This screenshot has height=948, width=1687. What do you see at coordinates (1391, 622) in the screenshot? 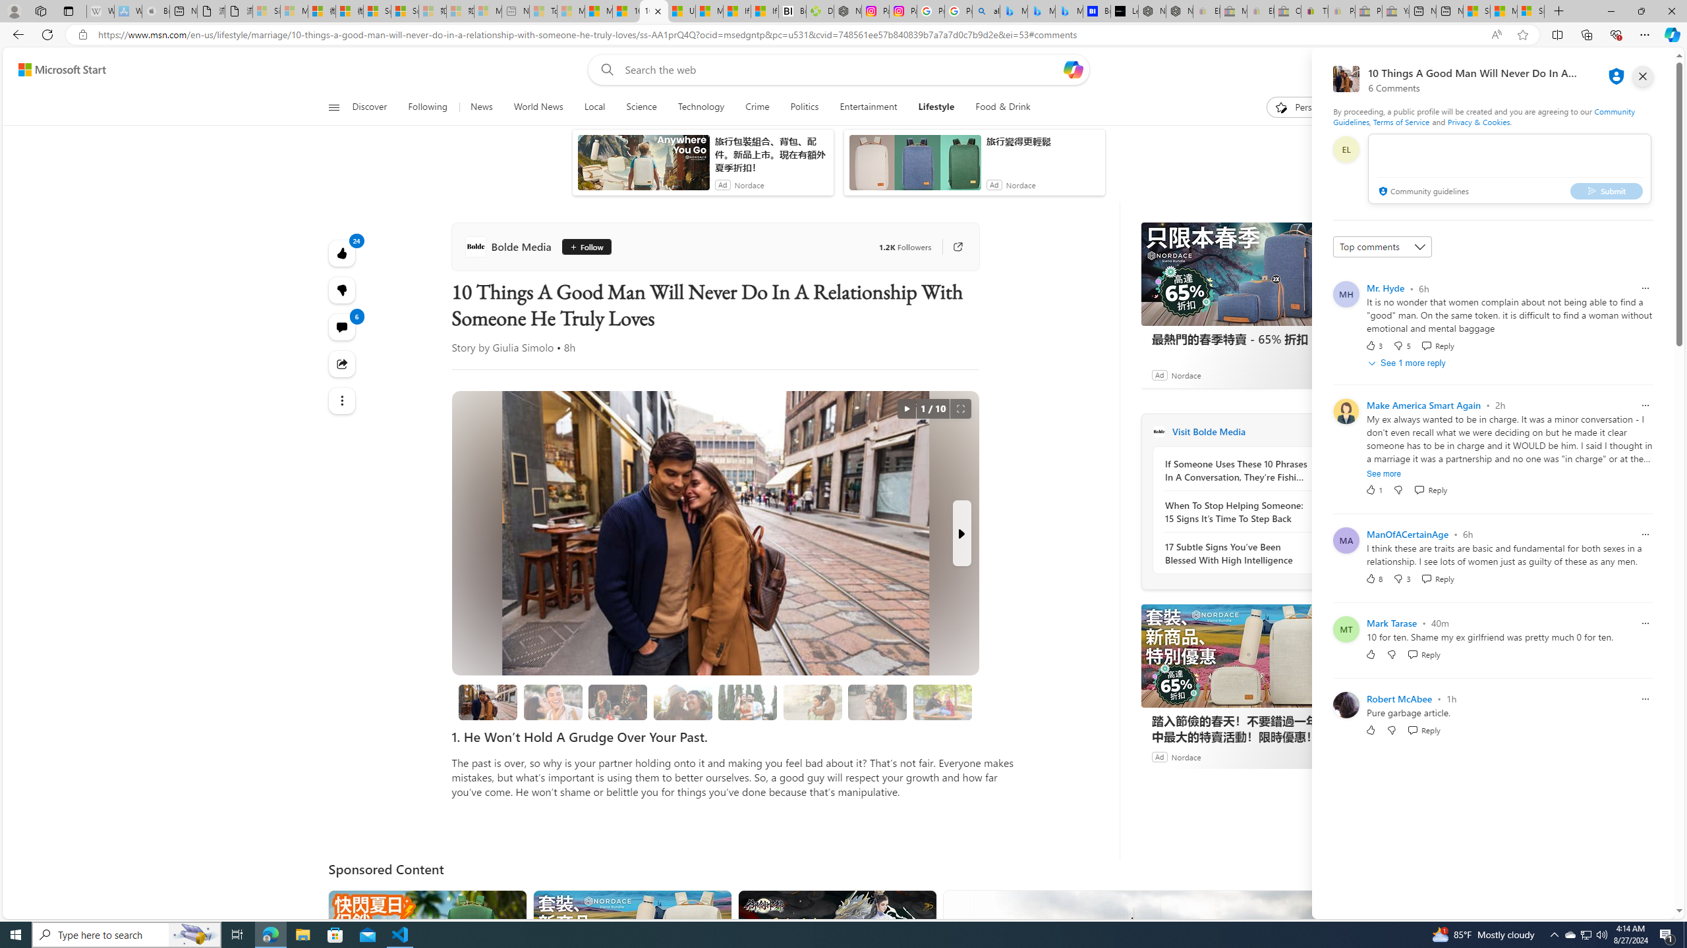
I see `'Mark Tarase'` at bounding box center [1391, 622].